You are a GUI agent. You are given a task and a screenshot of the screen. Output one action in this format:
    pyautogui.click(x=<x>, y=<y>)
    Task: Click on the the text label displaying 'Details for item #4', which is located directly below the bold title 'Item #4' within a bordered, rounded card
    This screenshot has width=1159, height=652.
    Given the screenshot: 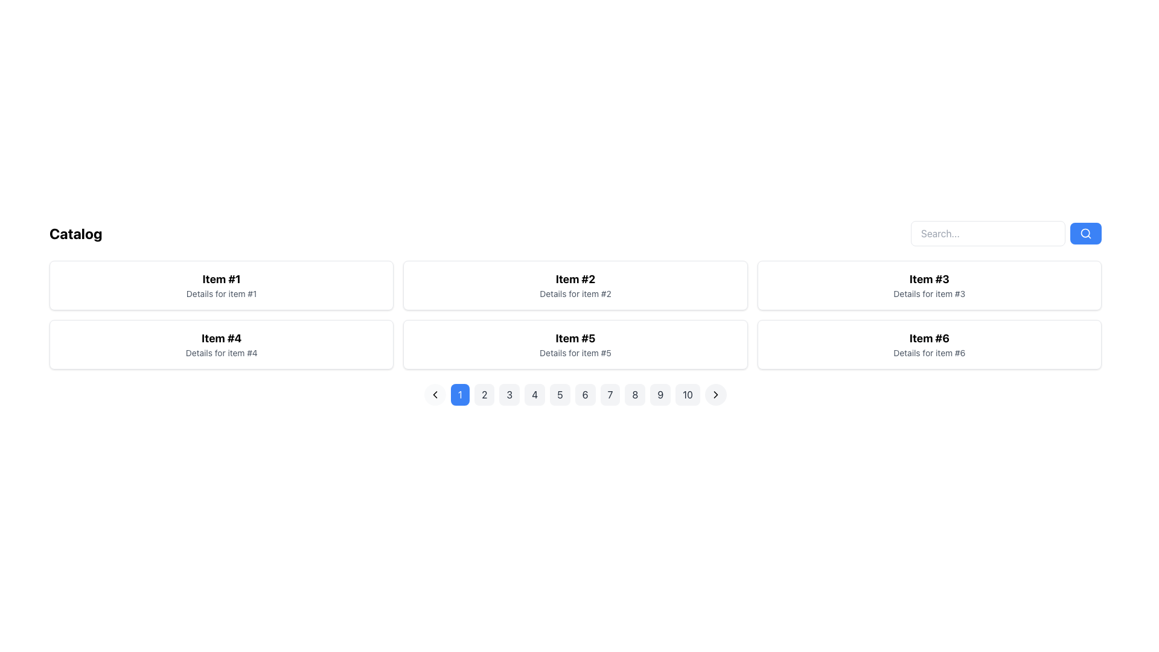 What is the action you would take?
    pyautogui.click(x=222, y=353)
    